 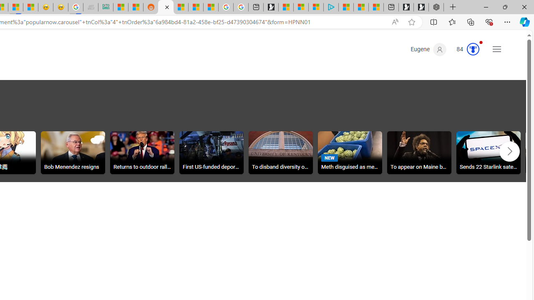 I want to click on 'Utah sues federal government - Search', so click(x=166, y=7).